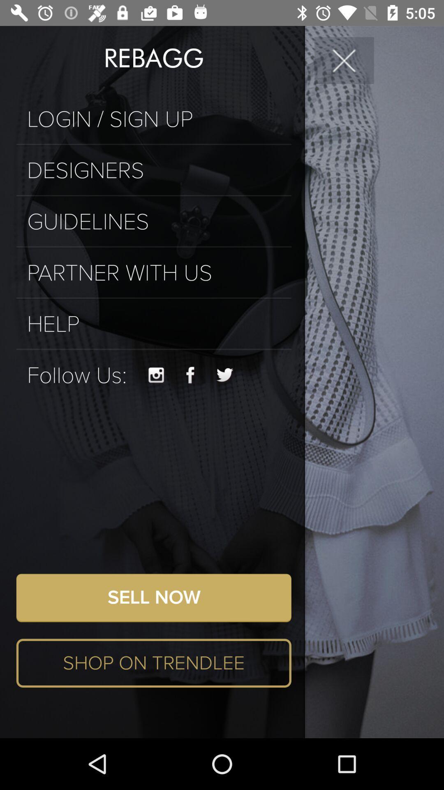  I want to click on follow on twitter, so click(225, 375).